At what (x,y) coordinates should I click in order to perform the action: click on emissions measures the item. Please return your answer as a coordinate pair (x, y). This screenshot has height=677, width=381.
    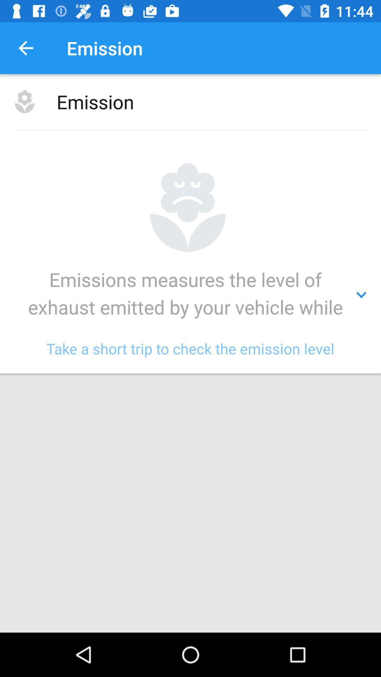
    Looking at the image, I should click on (190, 295).